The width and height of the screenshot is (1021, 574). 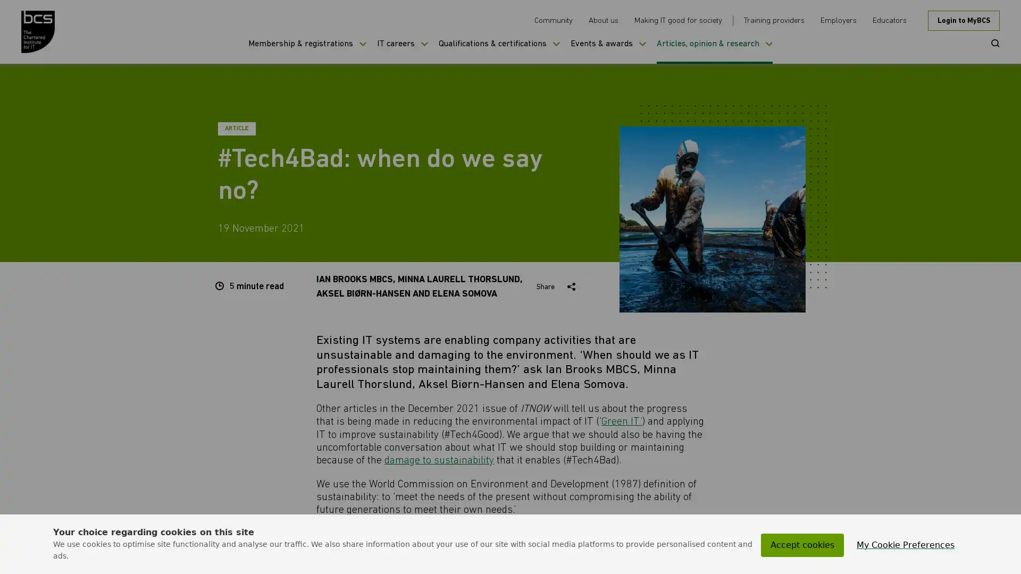 I want to click on Membership & registrations, so click(x=306, y=51).